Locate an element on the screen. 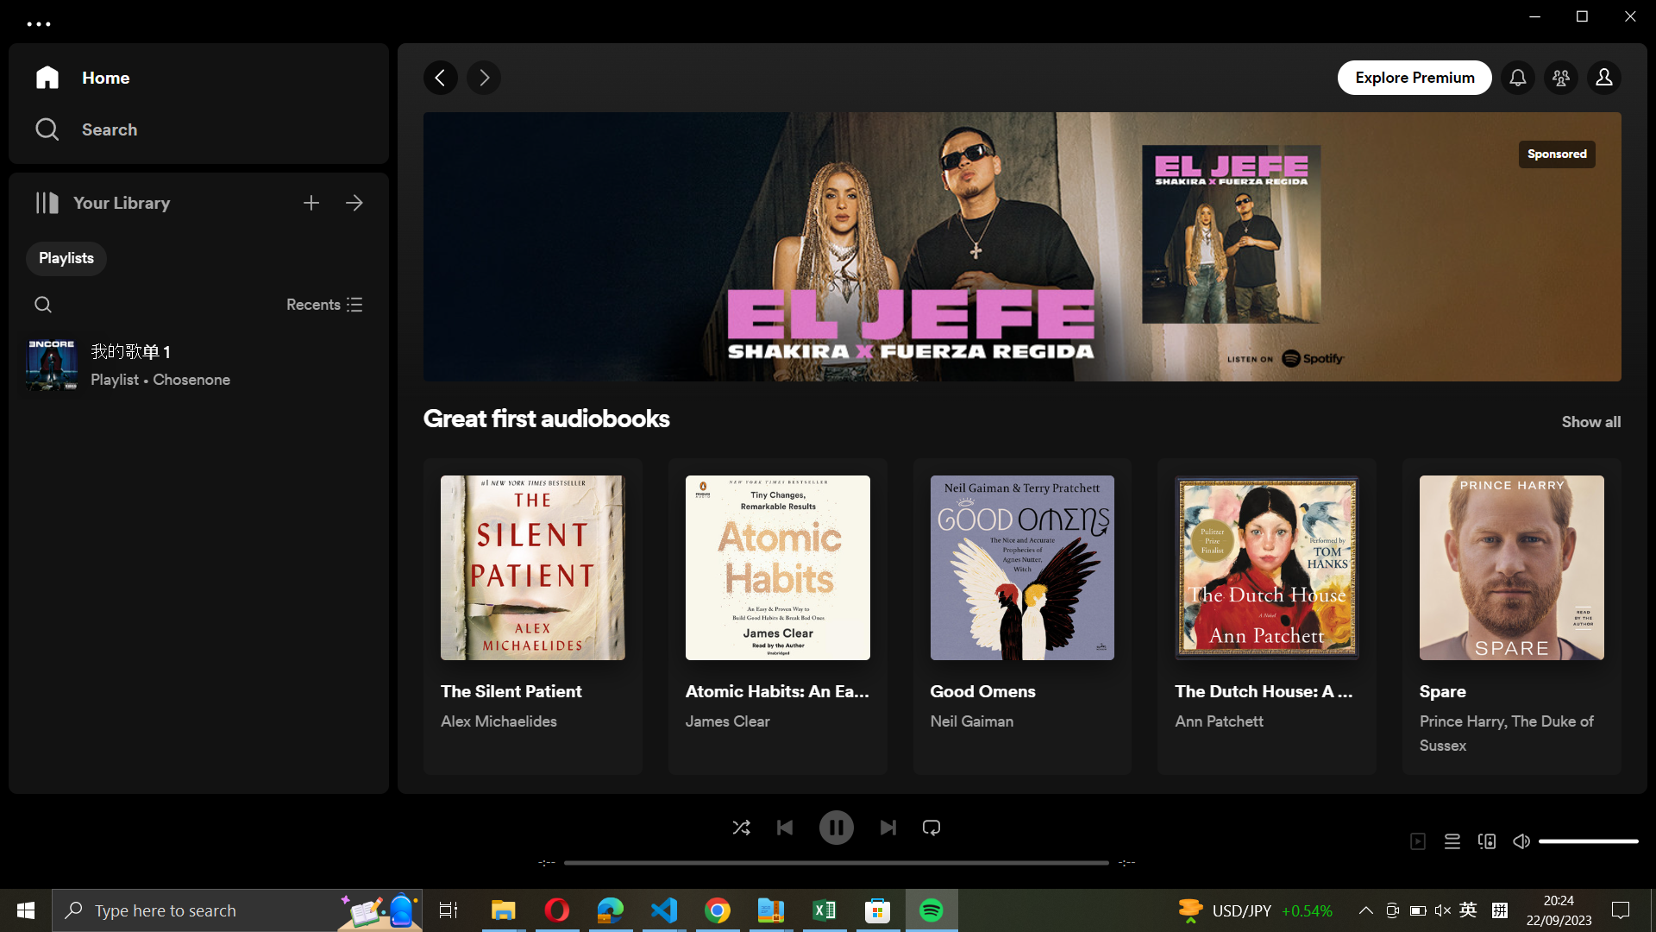 The image size is (1656, 932). Visit my own library is located at coordinates (354, 199).